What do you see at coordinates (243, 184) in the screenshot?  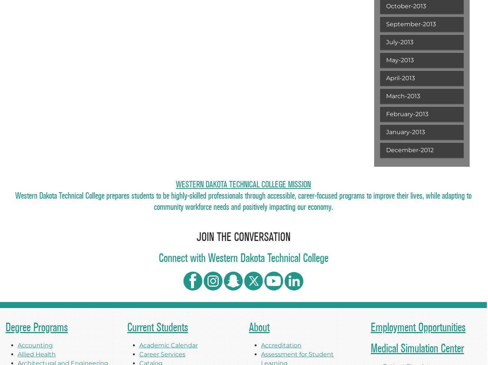 I see `'WESTERN DAKOTA TECHNICAL COLLEGE MISSION'` at bounding box center [243, 184].